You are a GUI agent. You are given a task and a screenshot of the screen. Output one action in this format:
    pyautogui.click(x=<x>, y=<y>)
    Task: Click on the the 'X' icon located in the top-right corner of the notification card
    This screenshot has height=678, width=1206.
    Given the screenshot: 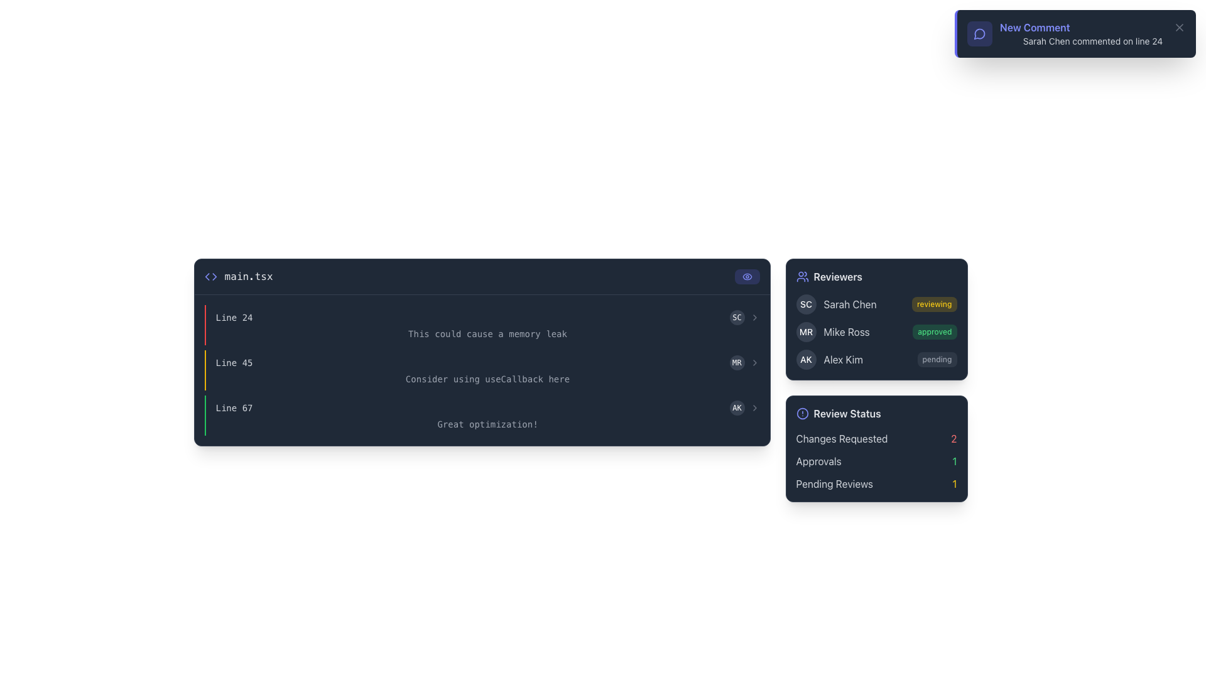 What is the action you would take?
    pyautogui.click(x=1178, y=27)
    